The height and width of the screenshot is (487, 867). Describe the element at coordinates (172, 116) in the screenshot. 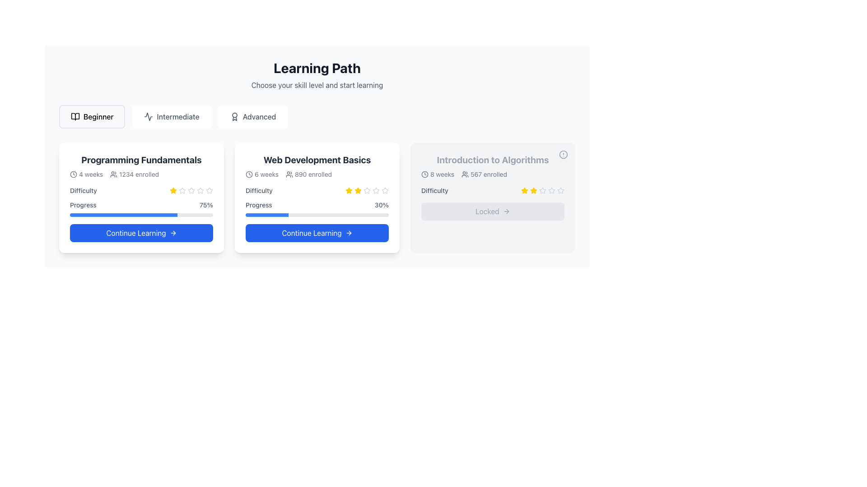

I see `the 'Intermediate' button in the skill level selection group` at that location.